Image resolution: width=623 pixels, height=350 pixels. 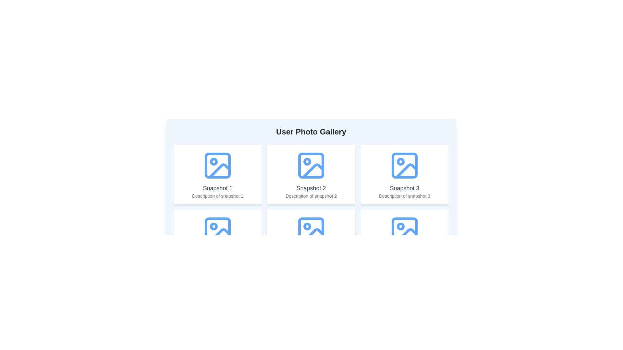 What do you see at coordinates (307, 226) in the screenshot?
I see `the decorative camera lens icon located towards the top-left corner of the photo icon within the 'Snapshot 2' gallery image` at bounding box center [307, 226].